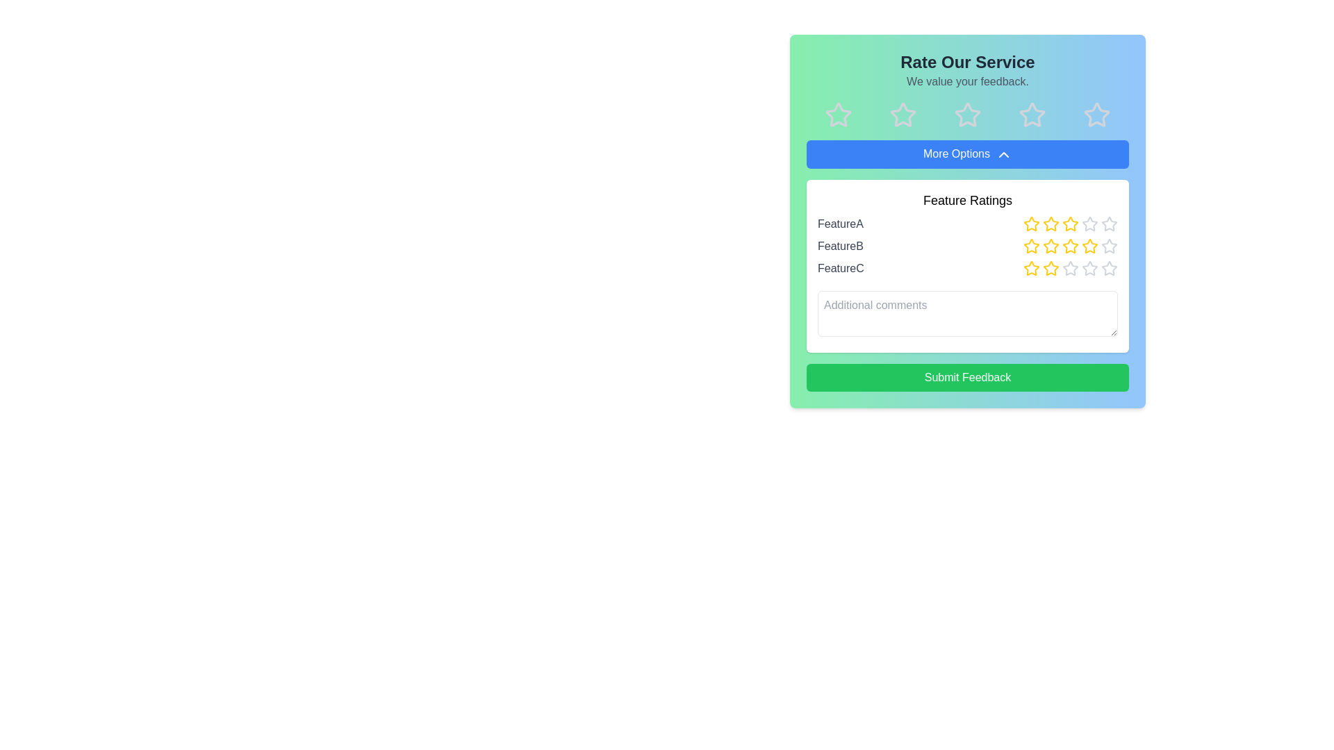 The image size is (1334, 750). I want to click on on the third star in the 5-star rating system for 'Feature A', so click(1069, 222).